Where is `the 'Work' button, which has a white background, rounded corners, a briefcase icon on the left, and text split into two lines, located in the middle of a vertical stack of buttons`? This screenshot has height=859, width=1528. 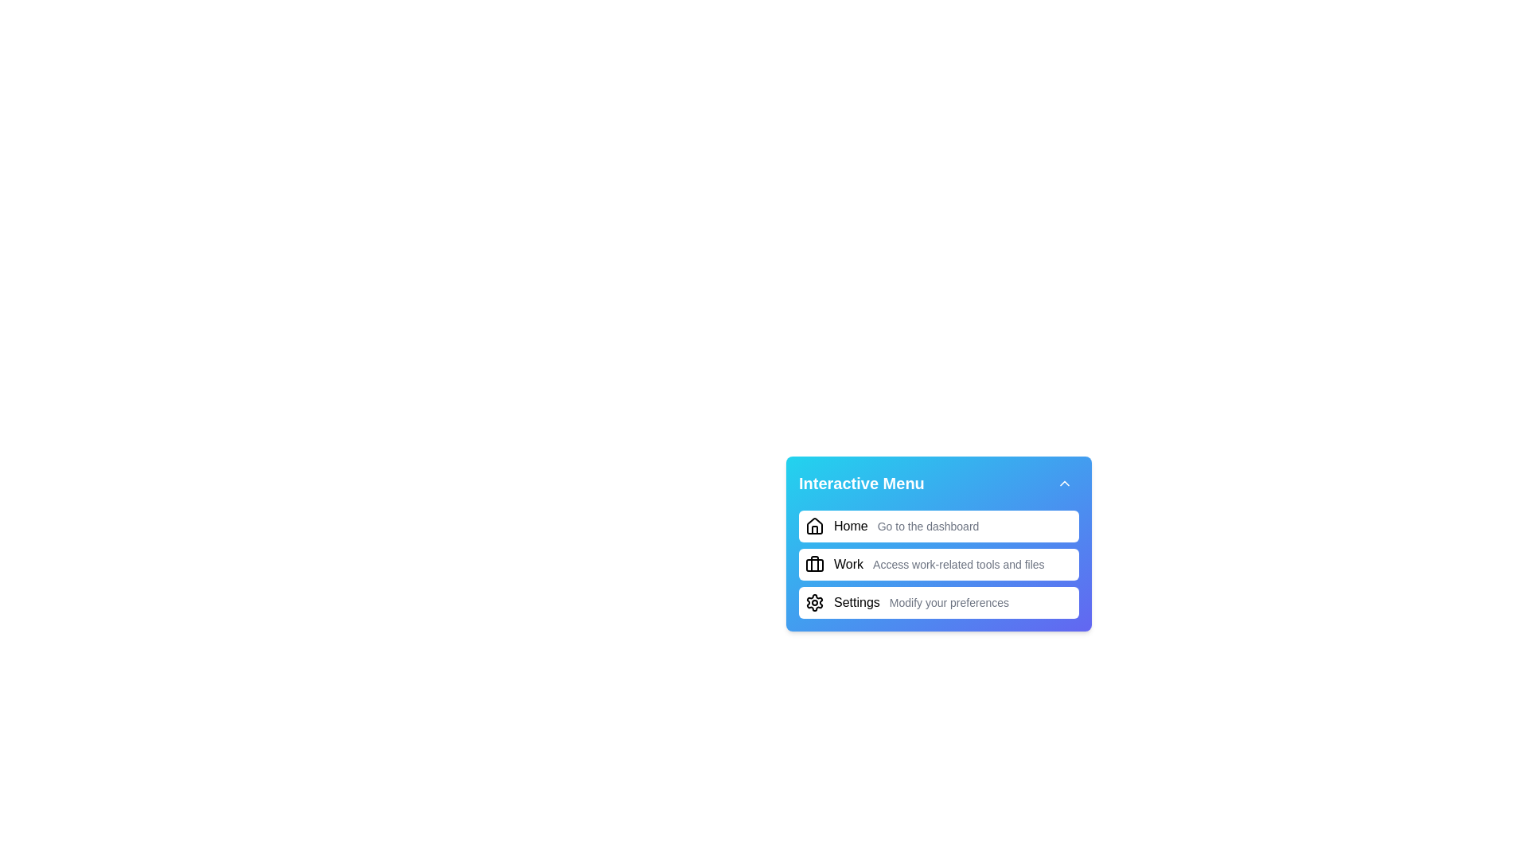
the 'Work' button, which has a white background, rounded corners, a briefcase icon on the left, and text split into two lines, located in the middle of a vertical stack of buttons is located at coordinates (939, 563).